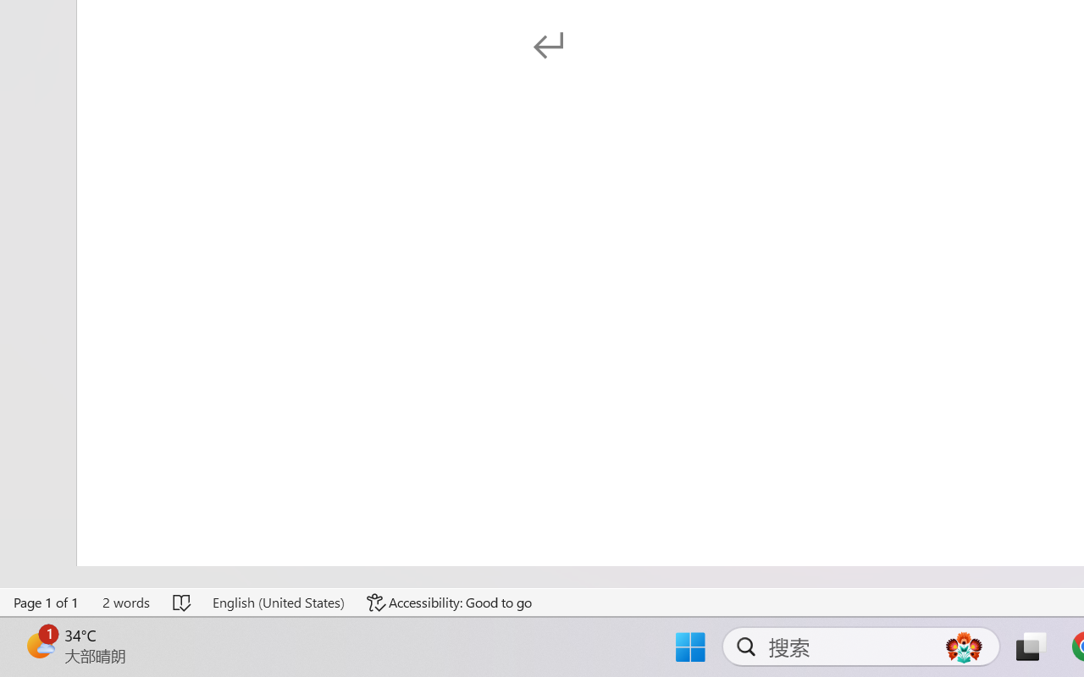  Describe the element at coordinates (47, 602) in the screenshot. I see `'Page Number Page 1 of 1'` at that location.